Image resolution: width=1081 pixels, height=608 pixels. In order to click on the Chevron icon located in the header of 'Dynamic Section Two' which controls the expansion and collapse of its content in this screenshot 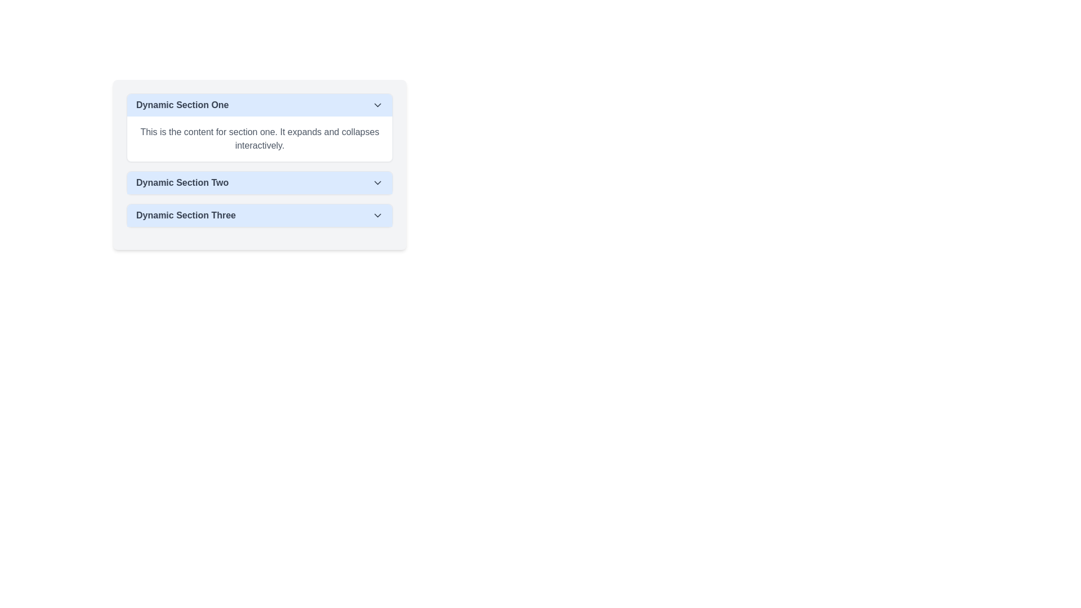, I will do `click(378, 182)`.